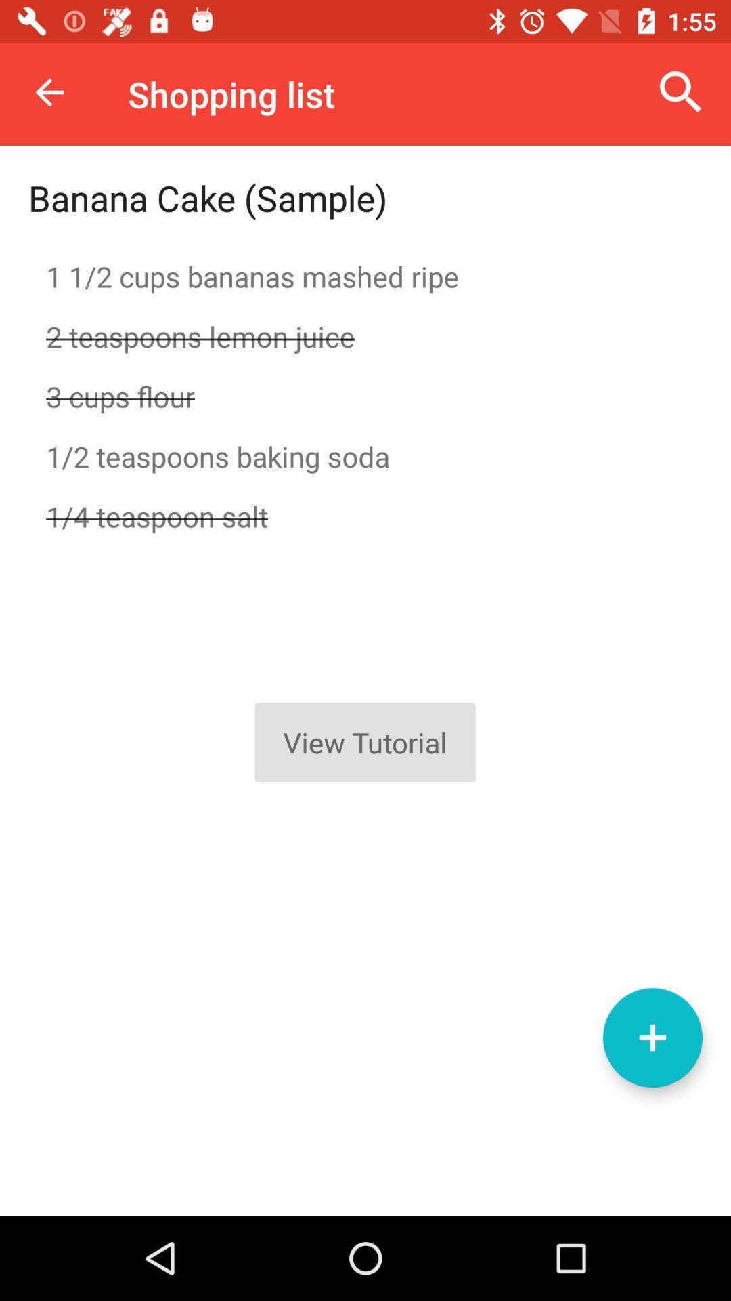 Image resolution: width=731 pixels, height=1301 pixels. Describe the element at coordinates (652, 1037) in the screenshot. I see `etc` at that location.